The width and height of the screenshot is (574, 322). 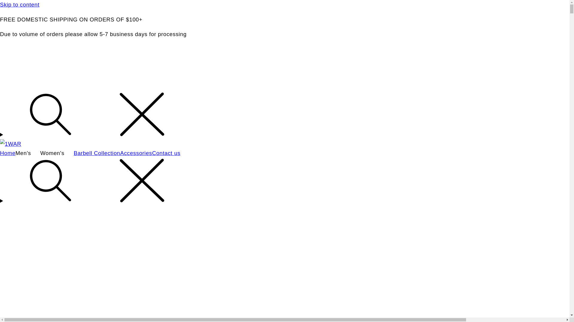 I want to click on 'Accessories', so click(x=136, y=153).